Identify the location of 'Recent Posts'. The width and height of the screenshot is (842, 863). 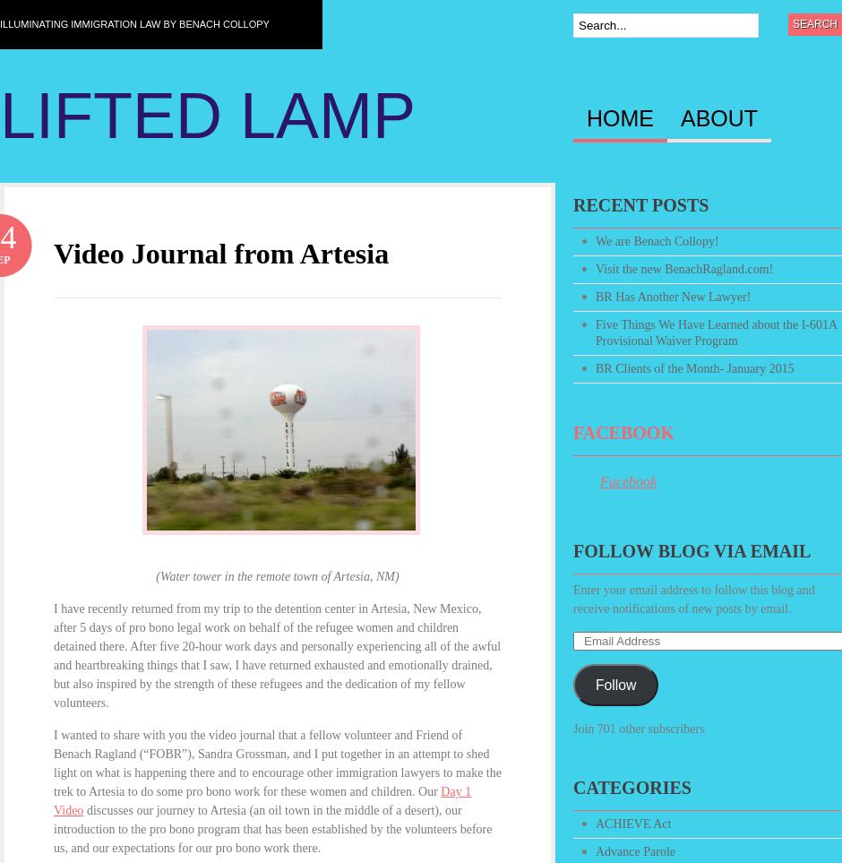
(640, 205).